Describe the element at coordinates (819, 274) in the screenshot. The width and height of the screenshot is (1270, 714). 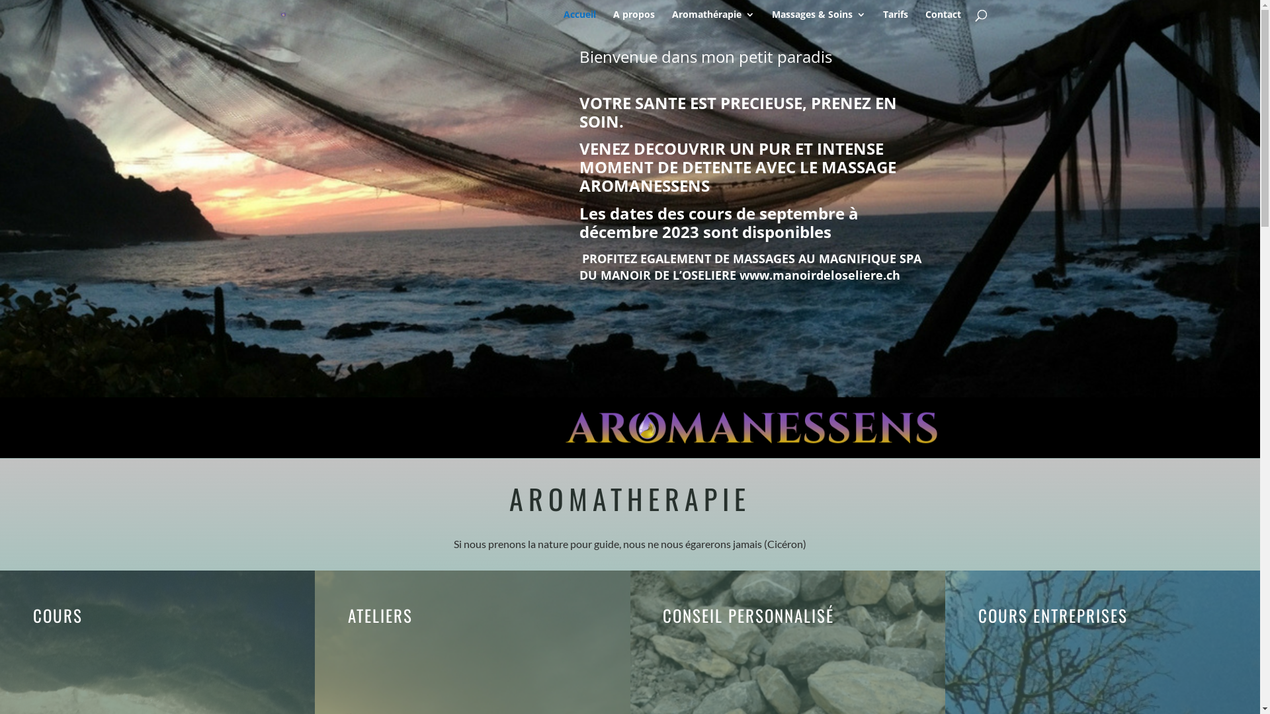
I see `'www.manoirdeloseliere.ch'` at that location.